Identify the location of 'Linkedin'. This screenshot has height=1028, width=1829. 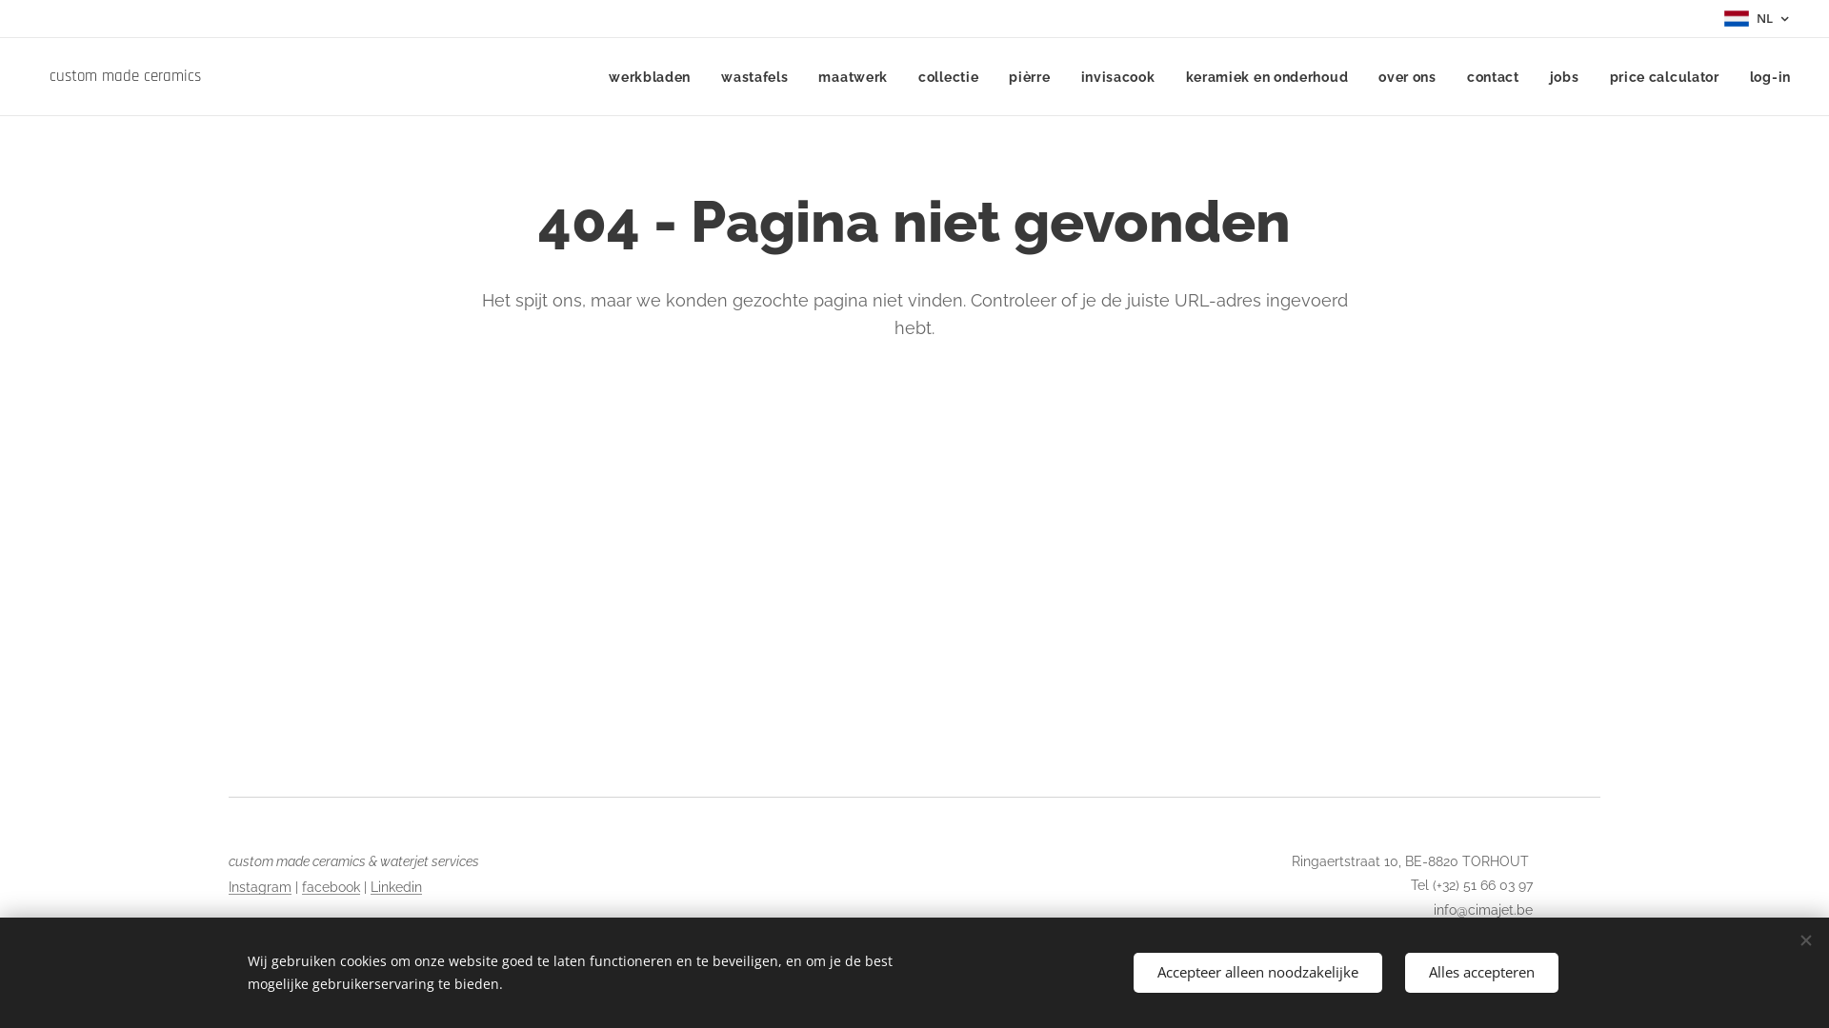
(395, 887).